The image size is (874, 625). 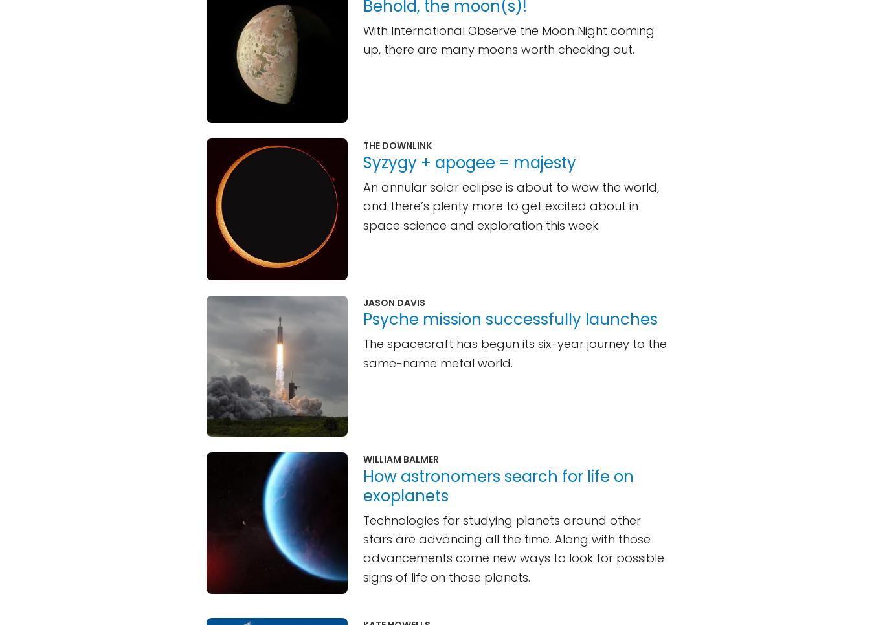 I want to click on 'With International Observe the Moon Night coming up, there are many moons worth checking out.', so click(x=508, y=39).